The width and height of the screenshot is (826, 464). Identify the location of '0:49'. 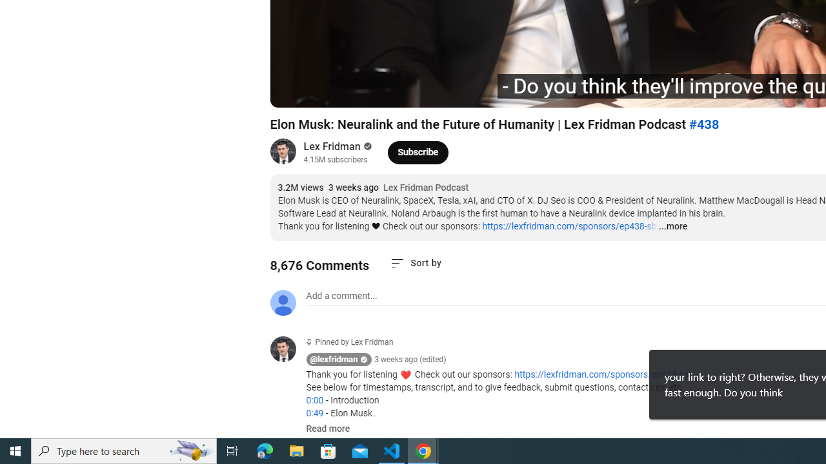
(314, 413).